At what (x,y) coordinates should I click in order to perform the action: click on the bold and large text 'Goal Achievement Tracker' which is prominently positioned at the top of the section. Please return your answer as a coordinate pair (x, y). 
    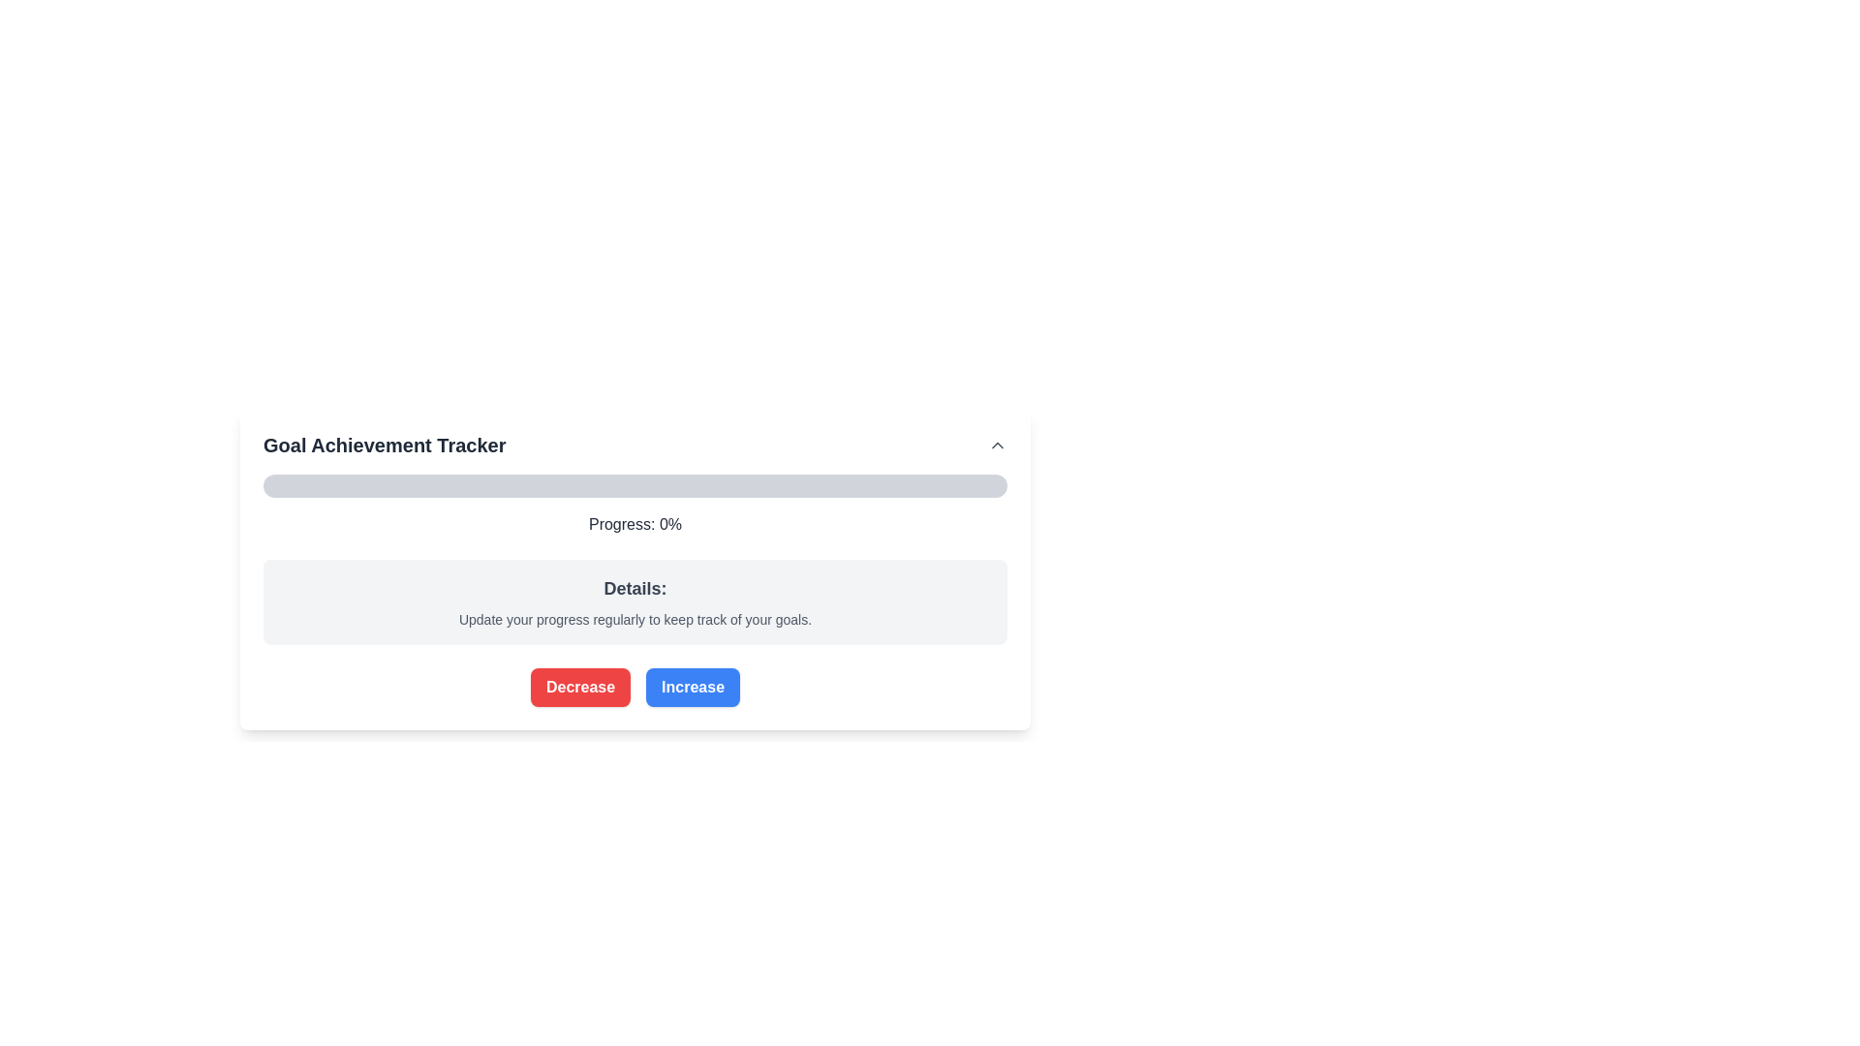
    Looking at the image, I should click on (385, 445).